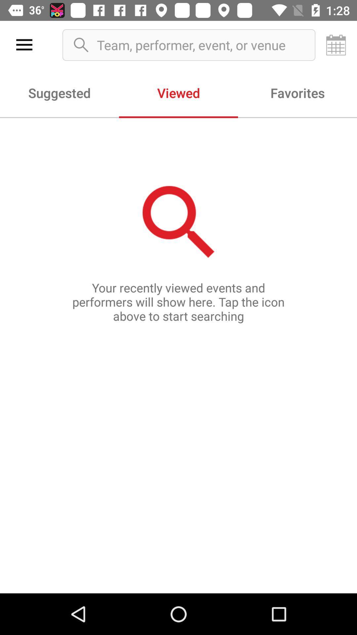  What do you see at coordinates (178, 355) in the screenshot?
I see `the your recently viewed icon` at bounding box center [178, 355].